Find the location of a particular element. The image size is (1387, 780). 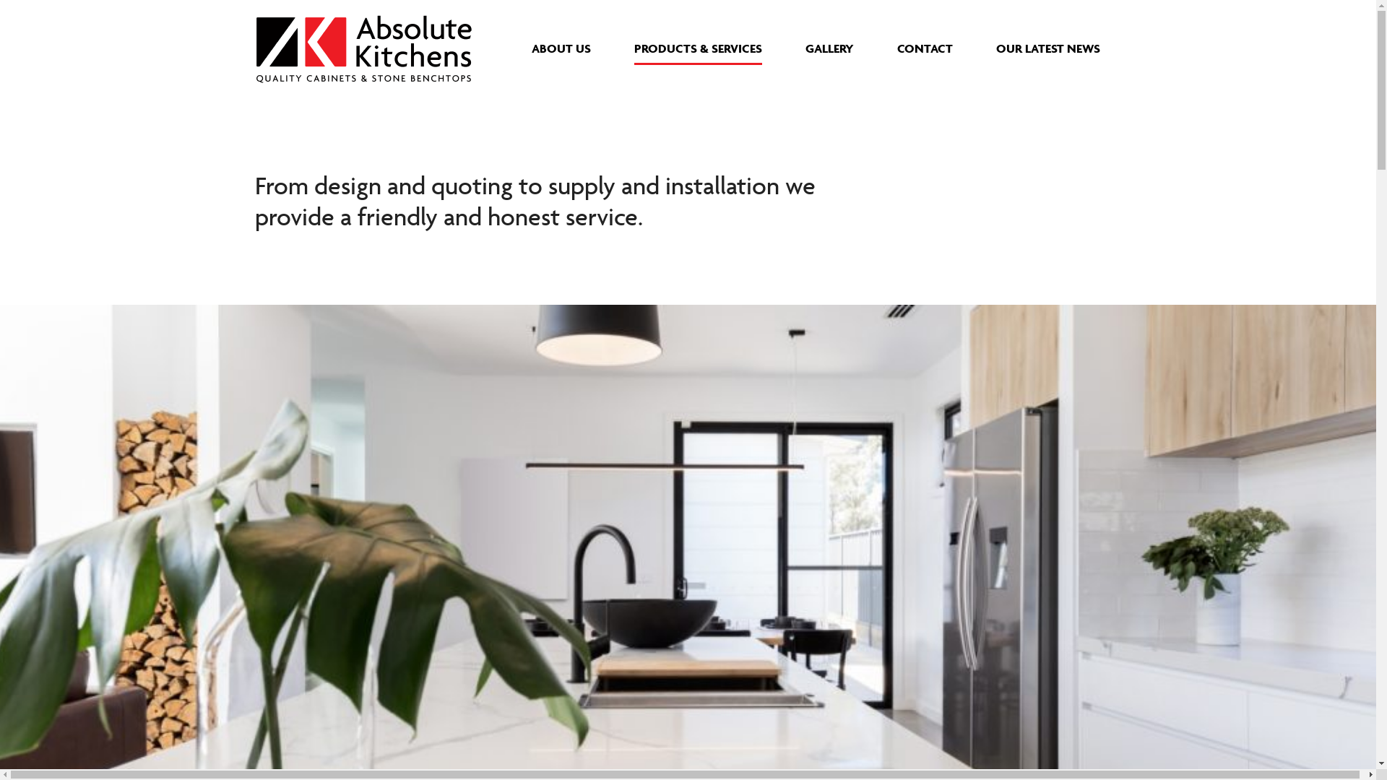

'GALLERY' is located at coordinates (829, 46).